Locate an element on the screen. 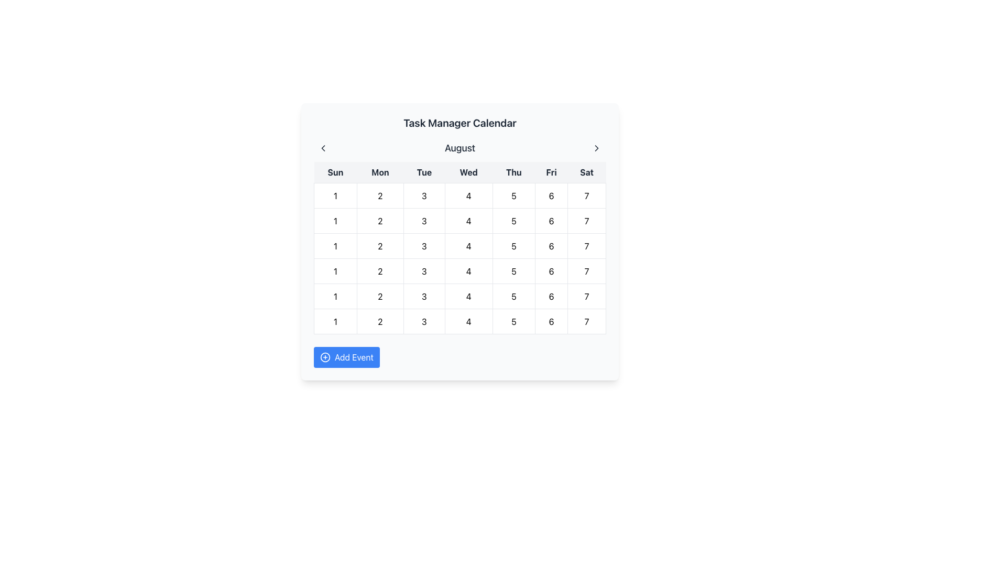 This screenshot has height=566, width=1006. the non-interactive date label representing the second of the month in the calendar interface, located in the second column of the row labeled with '1's is located at coordinates (379, 321).